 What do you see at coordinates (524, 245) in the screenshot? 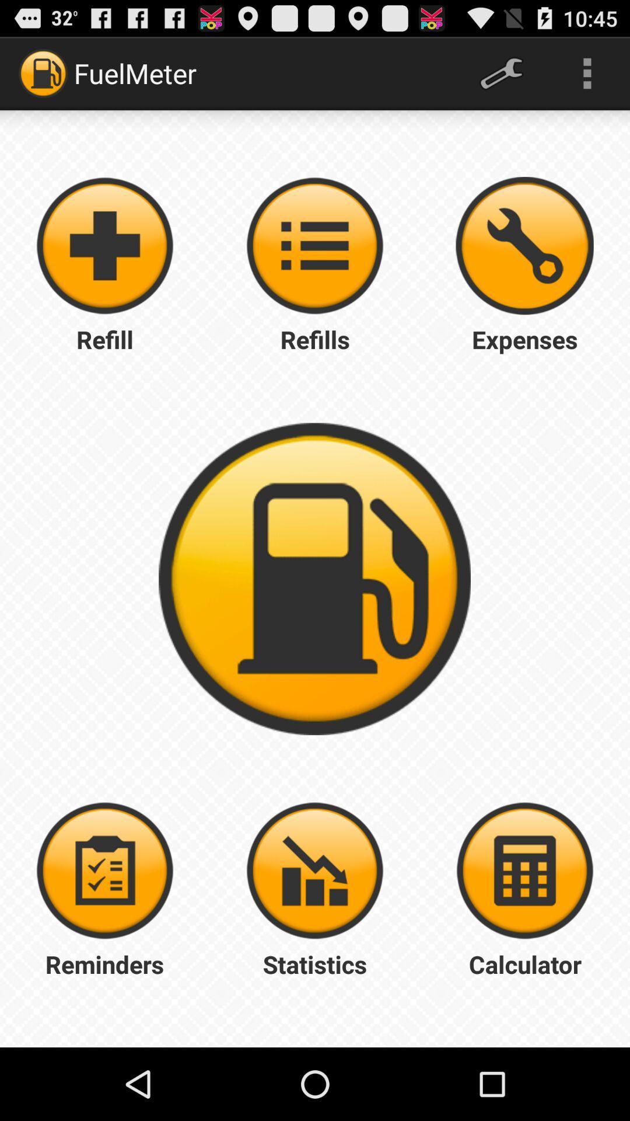
I see `check my expenses` at bounding box center [524, 245].